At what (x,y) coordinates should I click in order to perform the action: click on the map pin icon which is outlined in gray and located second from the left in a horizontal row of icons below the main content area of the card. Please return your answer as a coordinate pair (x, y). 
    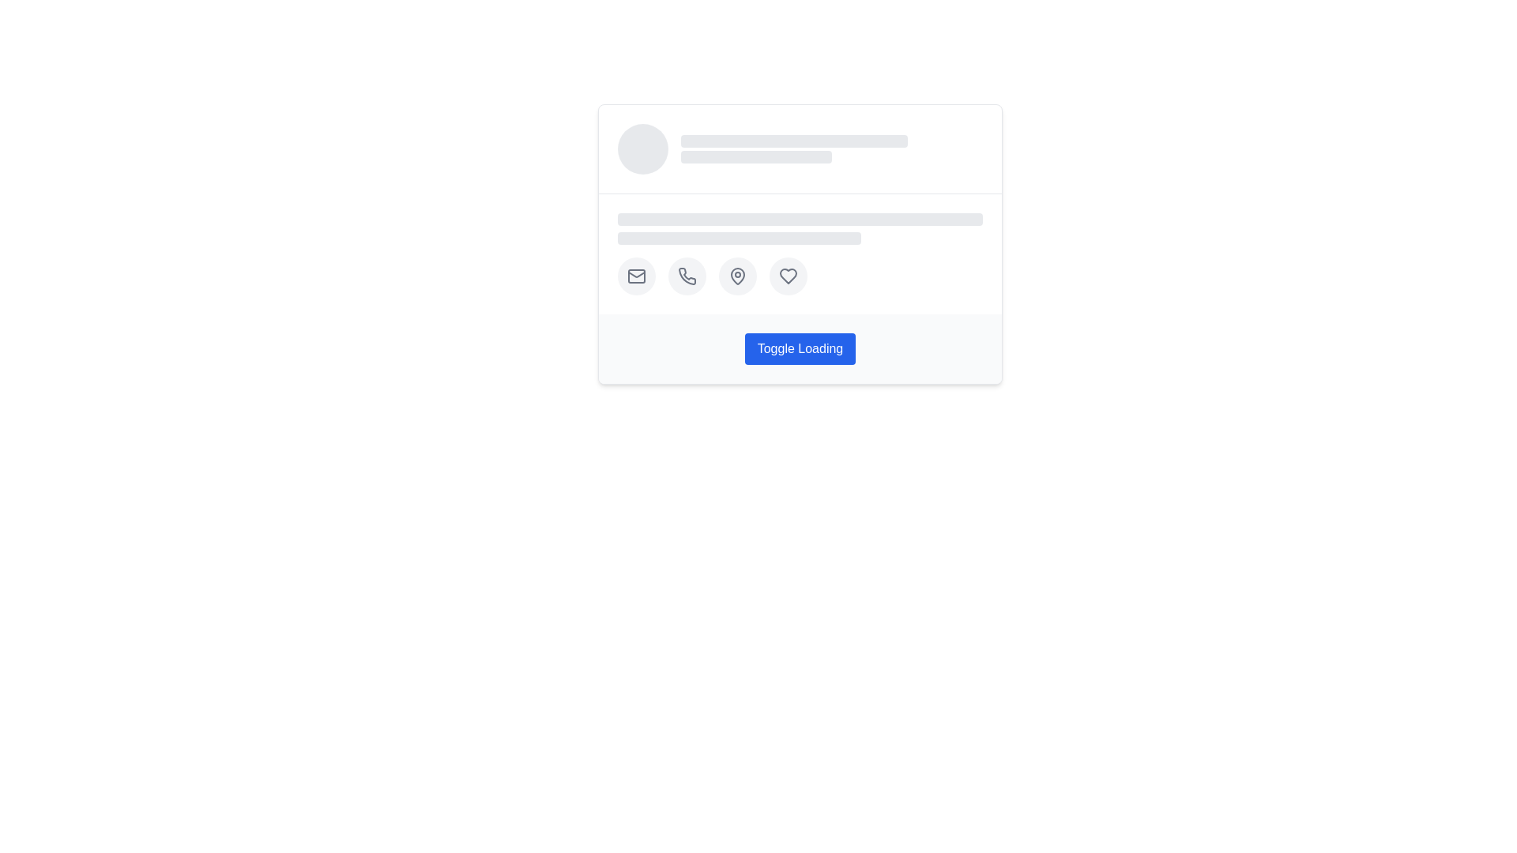
    Looking at the image, I should click on (737, 274).